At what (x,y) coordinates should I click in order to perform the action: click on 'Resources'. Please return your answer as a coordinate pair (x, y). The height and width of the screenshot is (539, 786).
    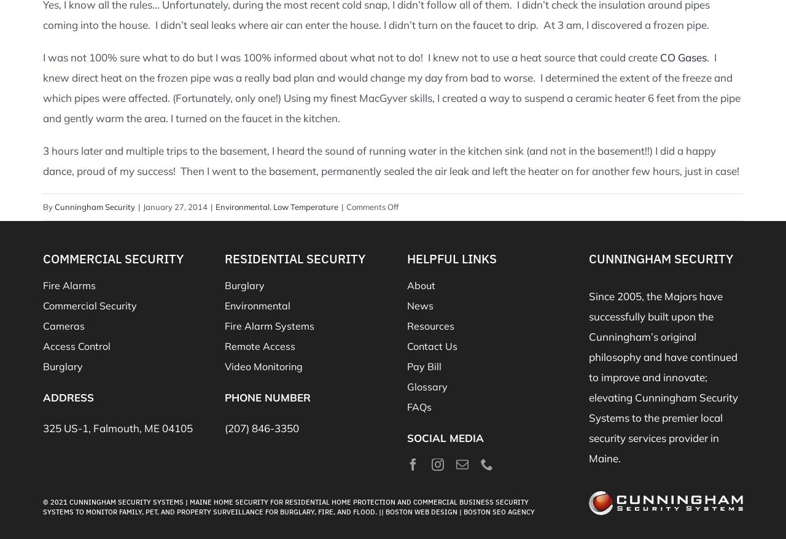
    Looking at the image, I should click on (430, 324).